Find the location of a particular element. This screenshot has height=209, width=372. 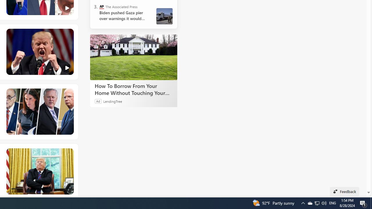

'The Associated Press' is located at coordinates (102, 7).